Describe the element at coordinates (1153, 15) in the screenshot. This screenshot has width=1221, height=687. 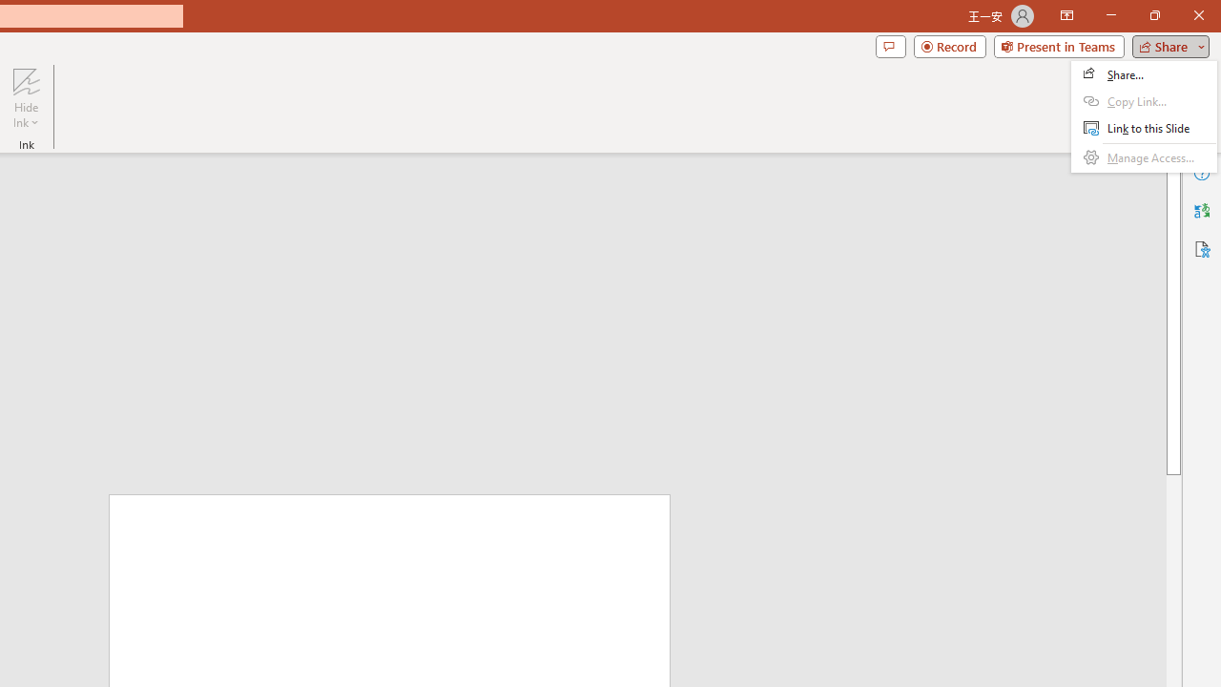
I see `'Restore Down'` at that location.